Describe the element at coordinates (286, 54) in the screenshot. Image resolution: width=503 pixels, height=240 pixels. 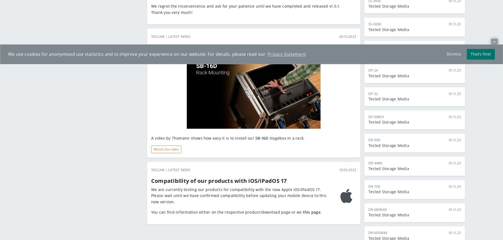
I see `'Privacy Statement'` at that location.